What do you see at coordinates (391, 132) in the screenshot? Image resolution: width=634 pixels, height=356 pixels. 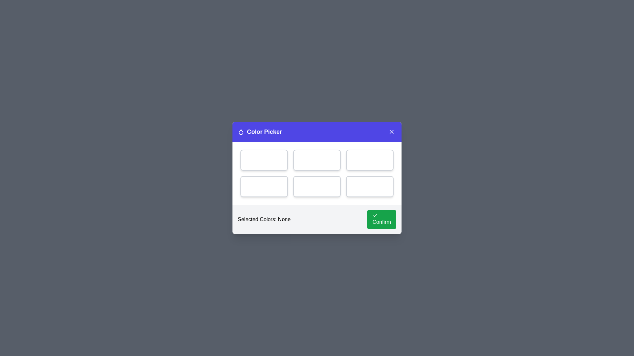 I see `the close button to close the dialog` at bounding box center [391, 132].